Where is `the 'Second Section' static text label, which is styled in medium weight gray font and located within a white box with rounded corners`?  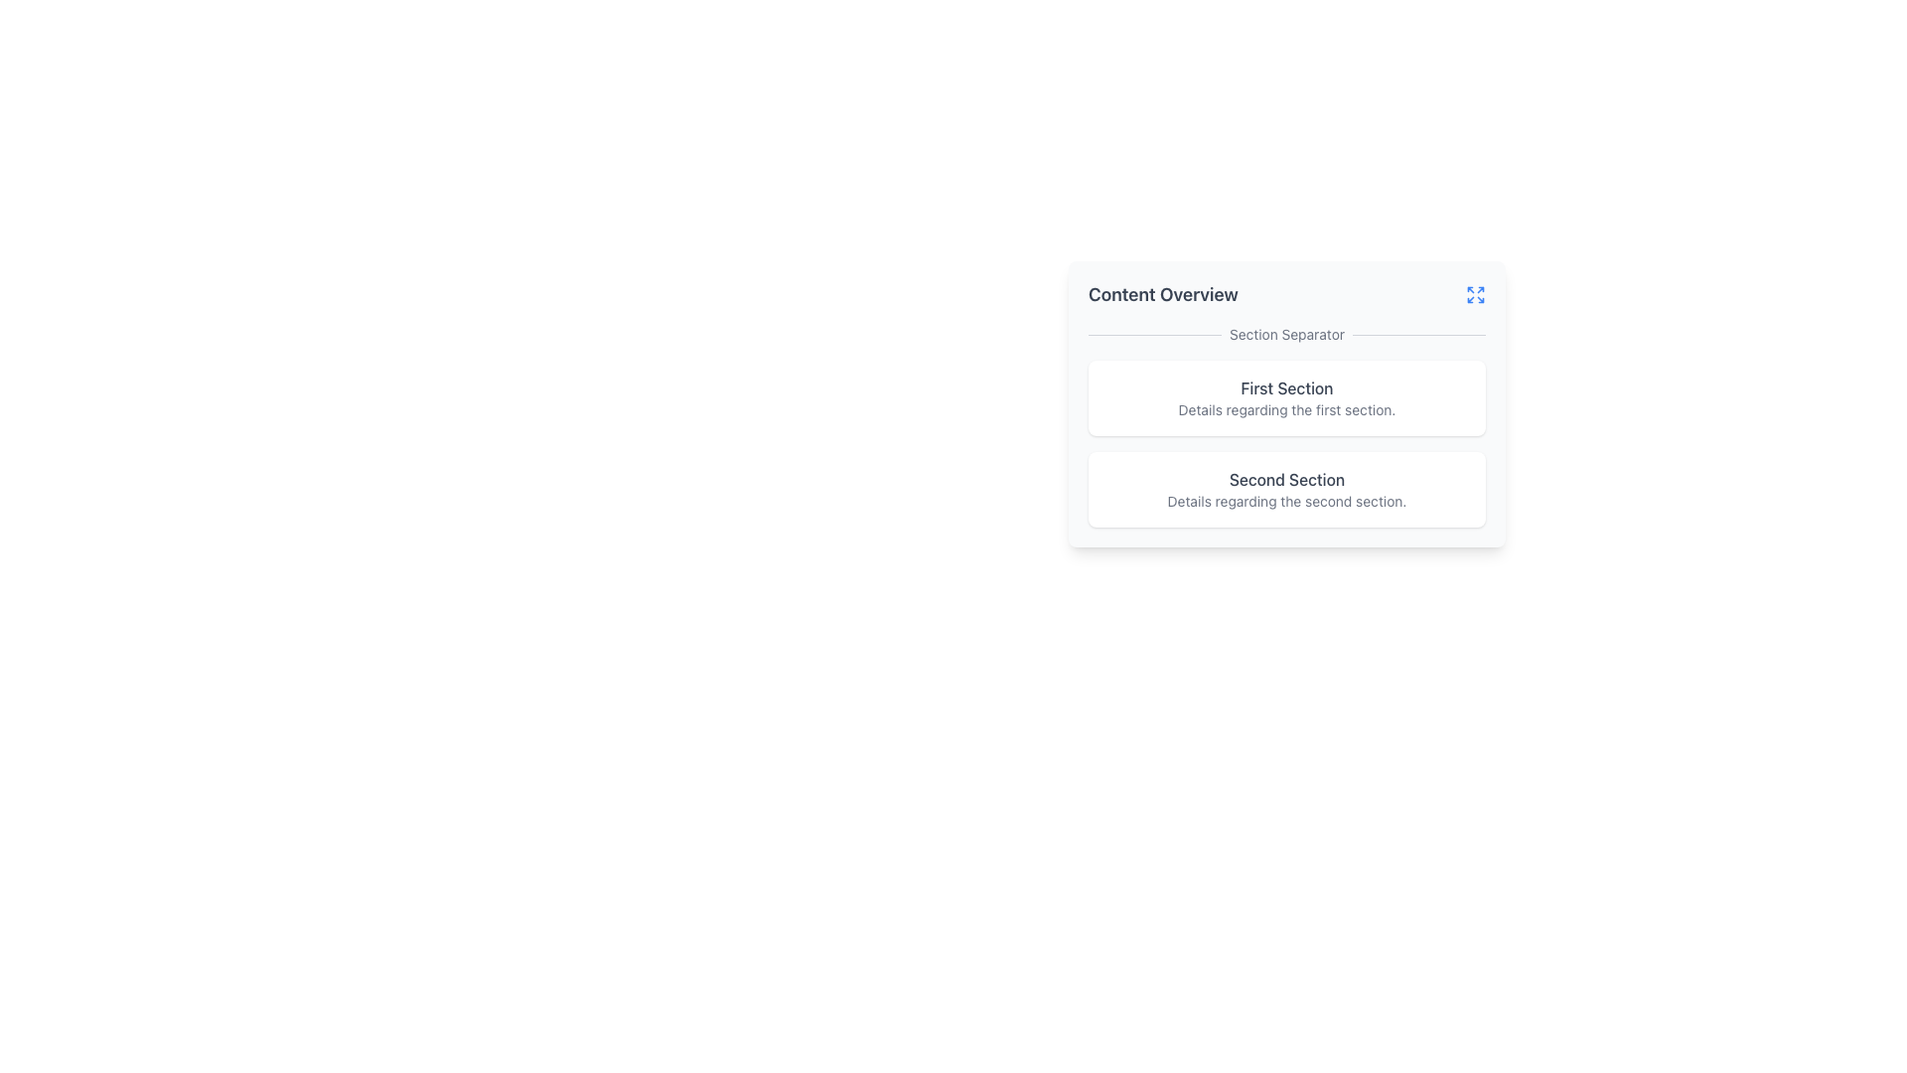 the 'Second Section' static text label, which is styled in medium weight gray font and located within a white box with rounded corners is located at coordinates (1287, 479).